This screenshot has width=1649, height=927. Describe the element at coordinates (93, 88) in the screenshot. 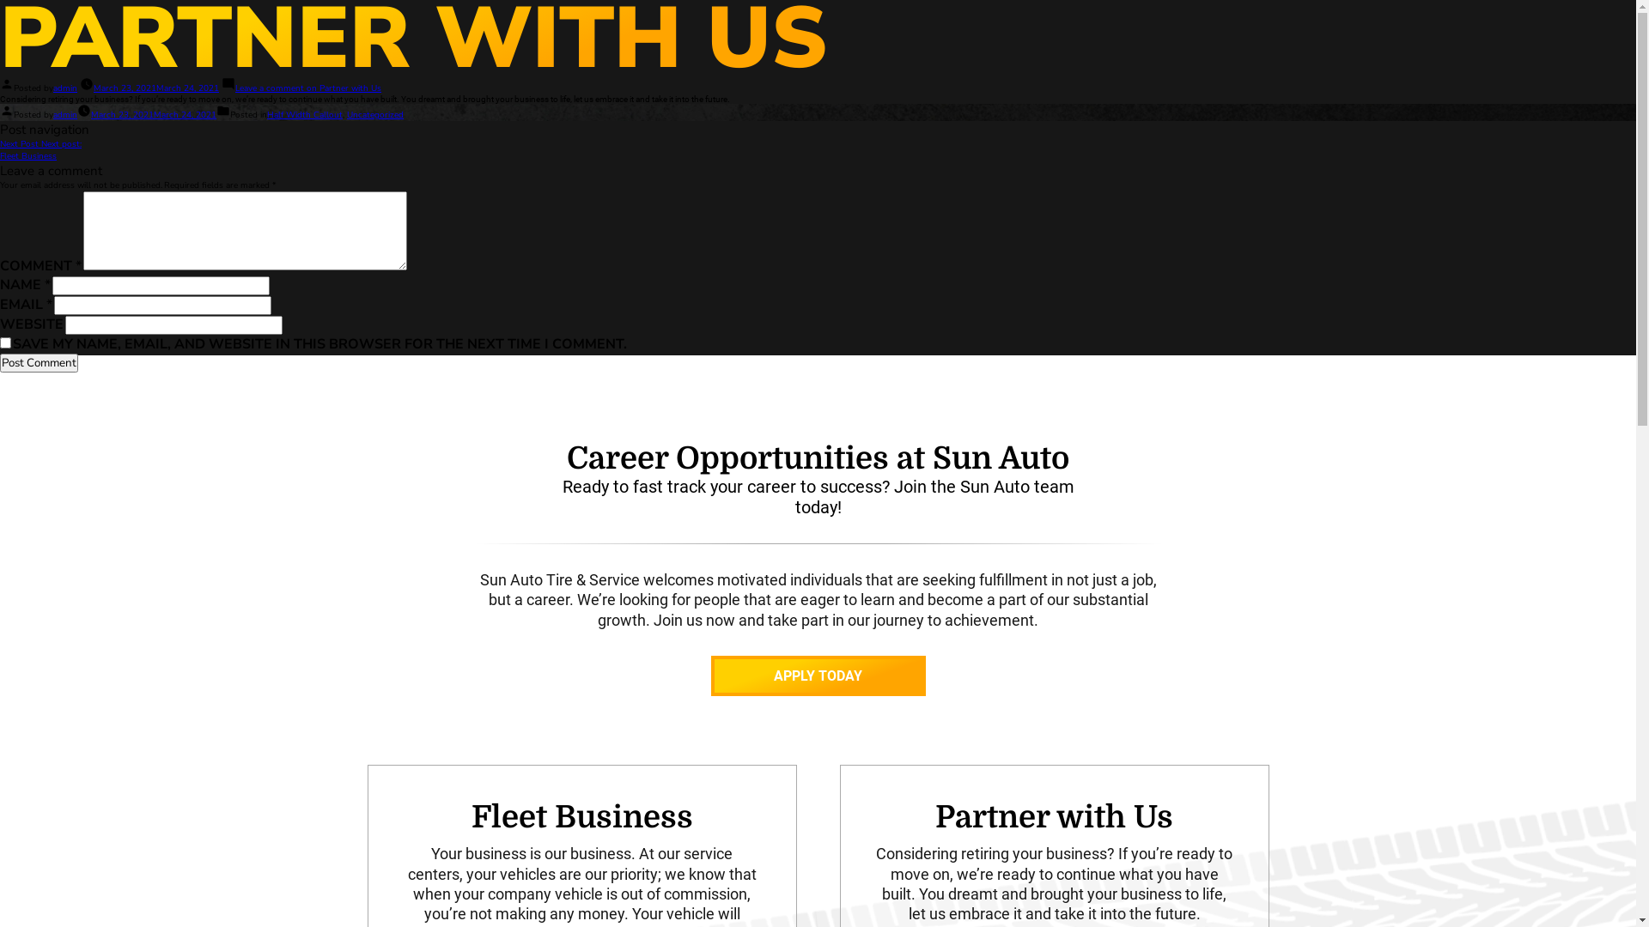

I see `'March 23, 2021March 24, 2021'` at that location.